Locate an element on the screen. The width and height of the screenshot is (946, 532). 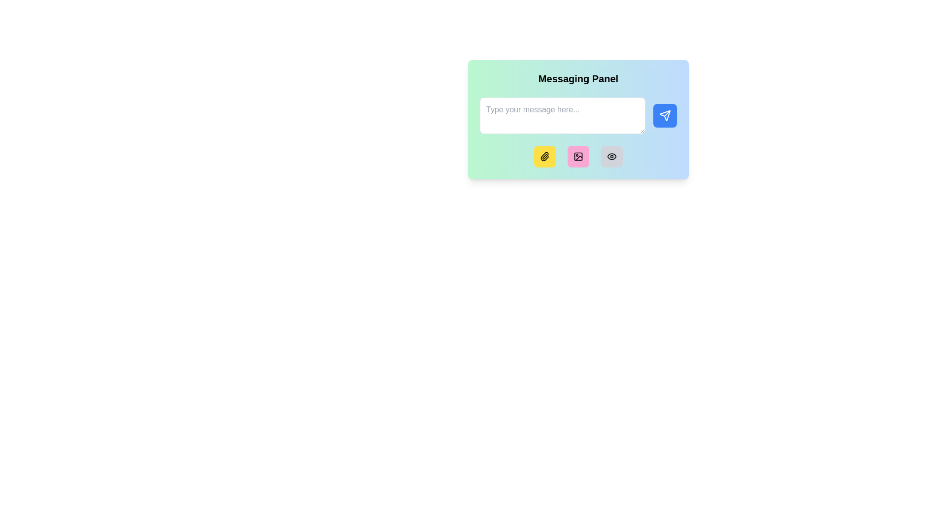
the attachment icon located in the second yellow button from the left, which allows the user to attach files or links to a message is located at coordinates (544, 156).